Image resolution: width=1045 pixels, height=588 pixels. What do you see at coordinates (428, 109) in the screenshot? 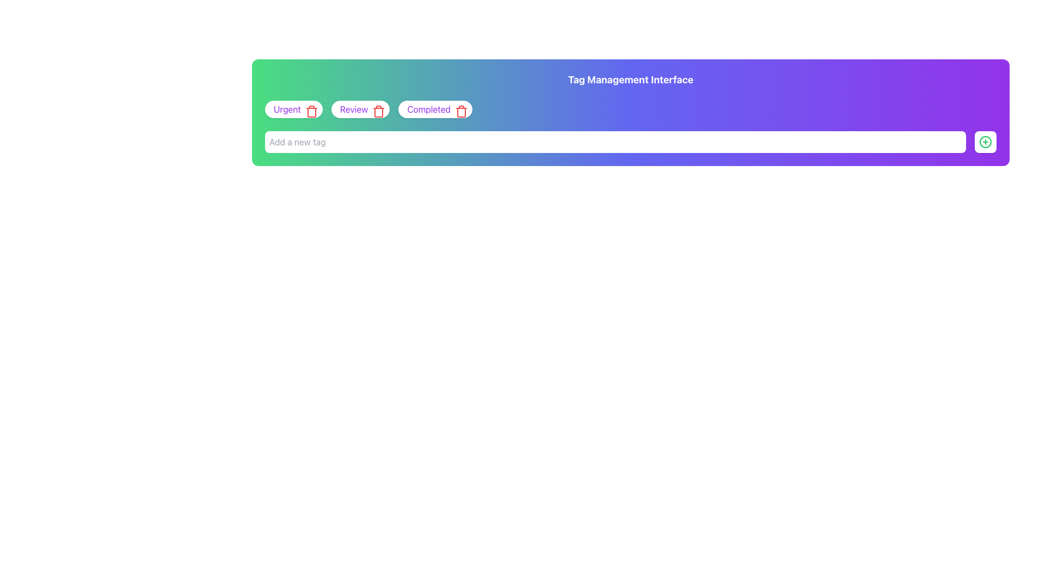
I see `the text label that indicates 'Completed', which is the third tag in a horizontal row of similarly styled tags` at bounding box center [428, 109].